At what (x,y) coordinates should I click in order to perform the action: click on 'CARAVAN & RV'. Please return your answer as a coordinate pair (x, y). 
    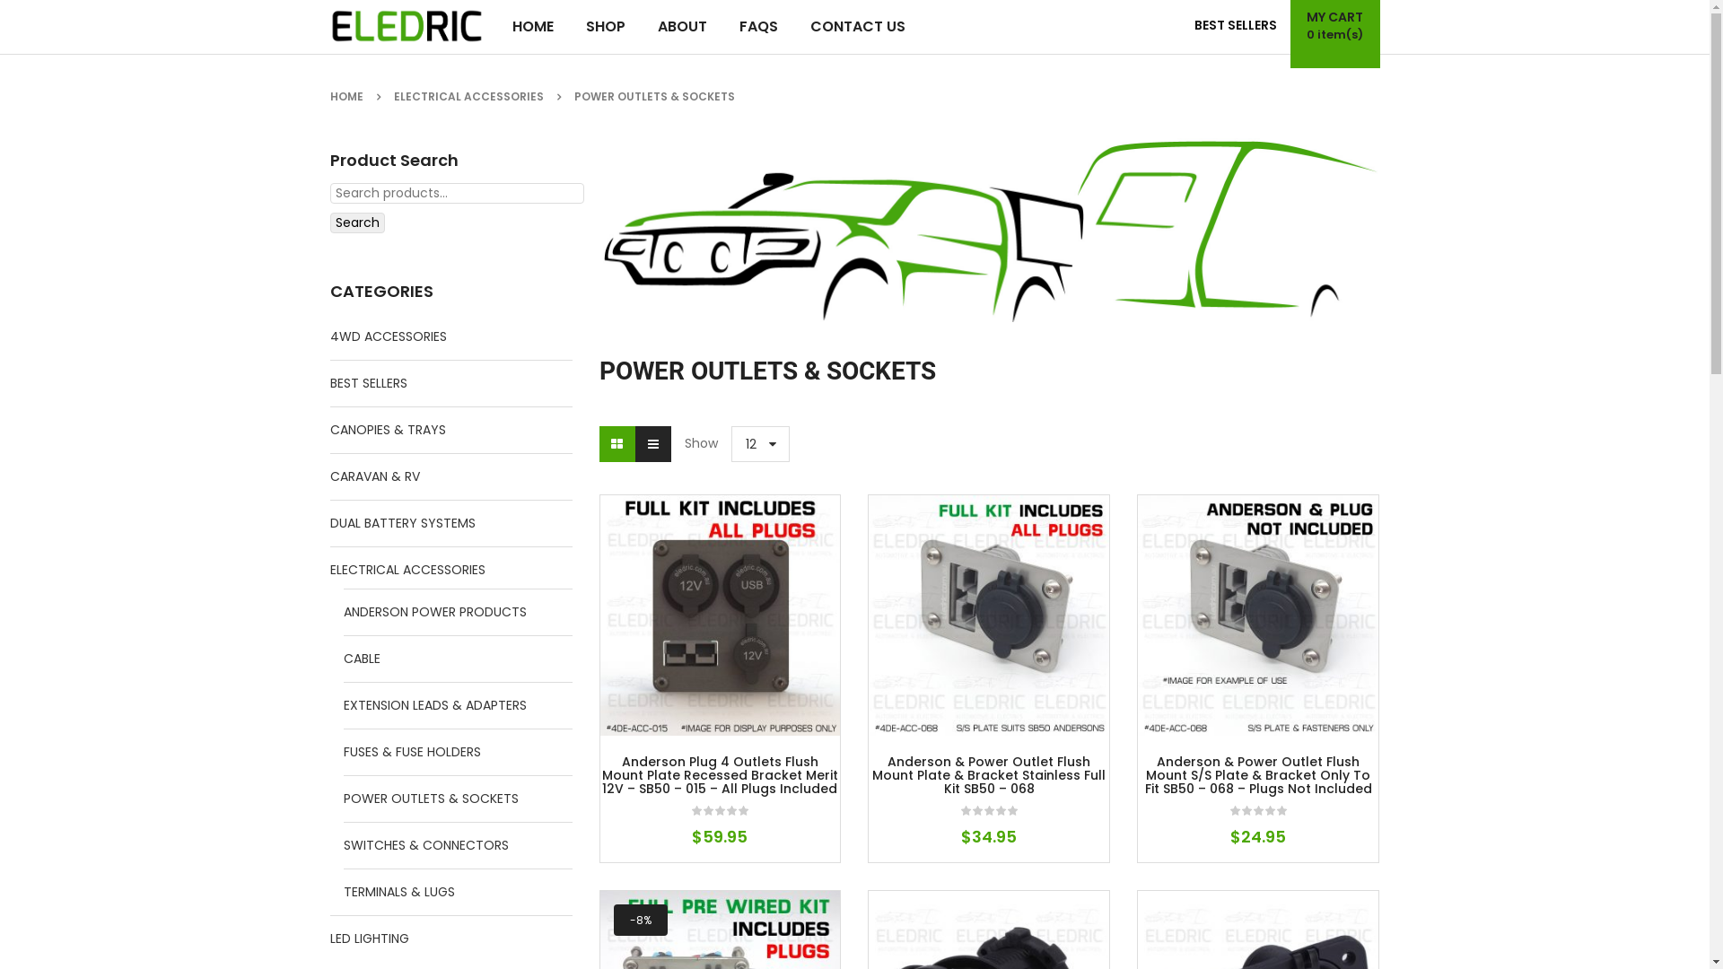
    Looking at the image, I should click on (330, 476).